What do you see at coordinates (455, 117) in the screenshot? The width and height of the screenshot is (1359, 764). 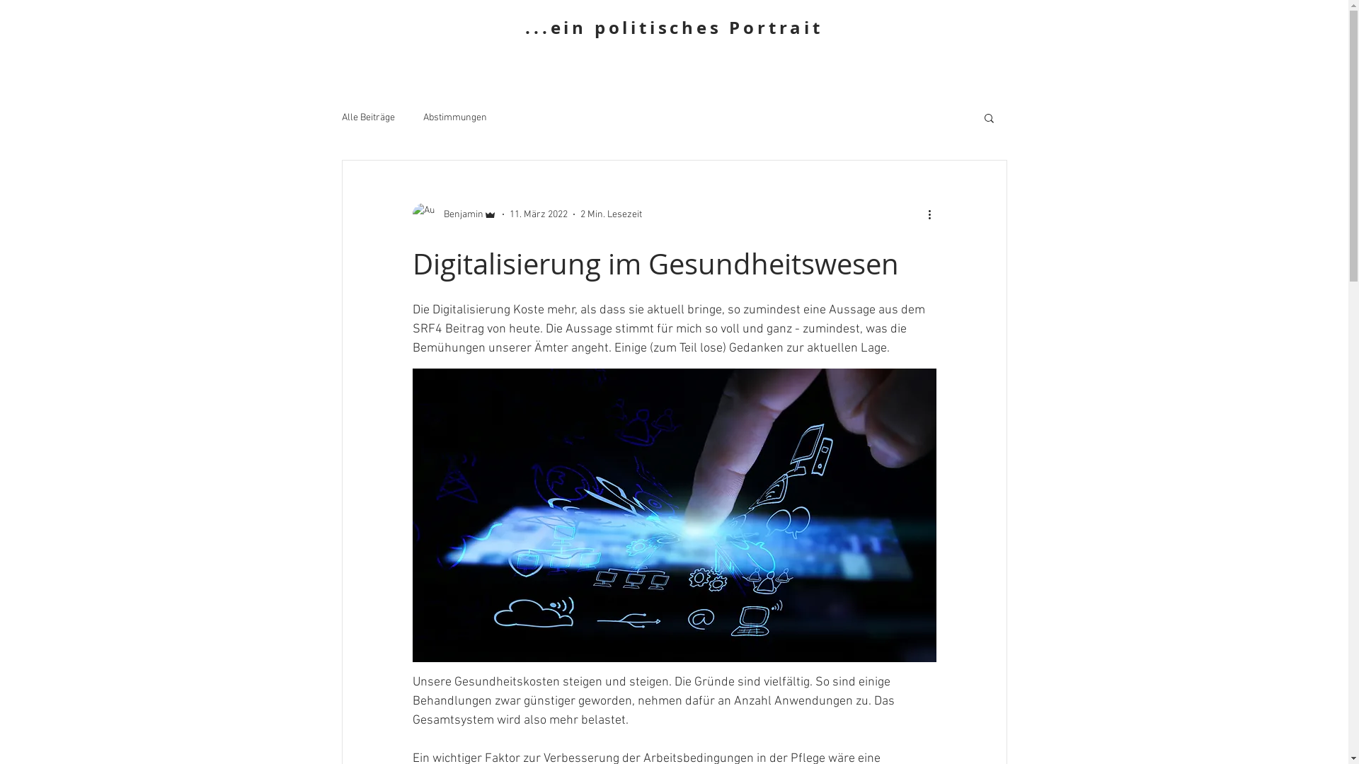 I see `'Abstimmungen'` at bounding box center [455, 117].